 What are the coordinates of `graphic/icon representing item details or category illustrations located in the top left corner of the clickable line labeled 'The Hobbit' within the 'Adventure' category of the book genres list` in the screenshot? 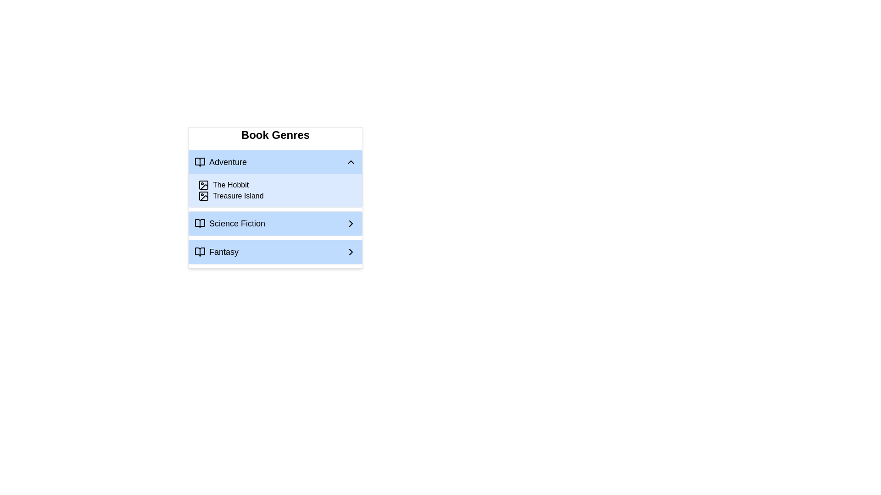 It's located at (203, 185).